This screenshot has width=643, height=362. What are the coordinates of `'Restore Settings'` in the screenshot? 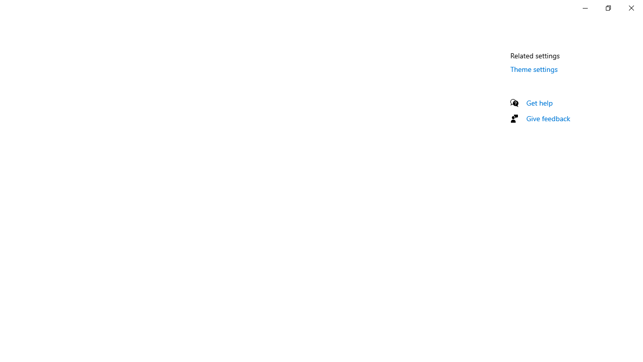 It's located at (607, 8).